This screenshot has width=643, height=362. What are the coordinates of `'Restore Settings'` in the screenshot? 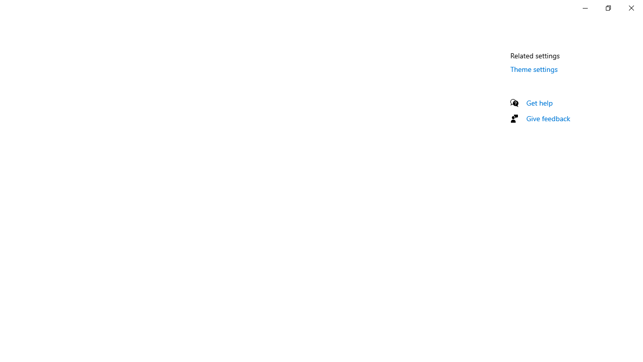 It's located at (607, 8).